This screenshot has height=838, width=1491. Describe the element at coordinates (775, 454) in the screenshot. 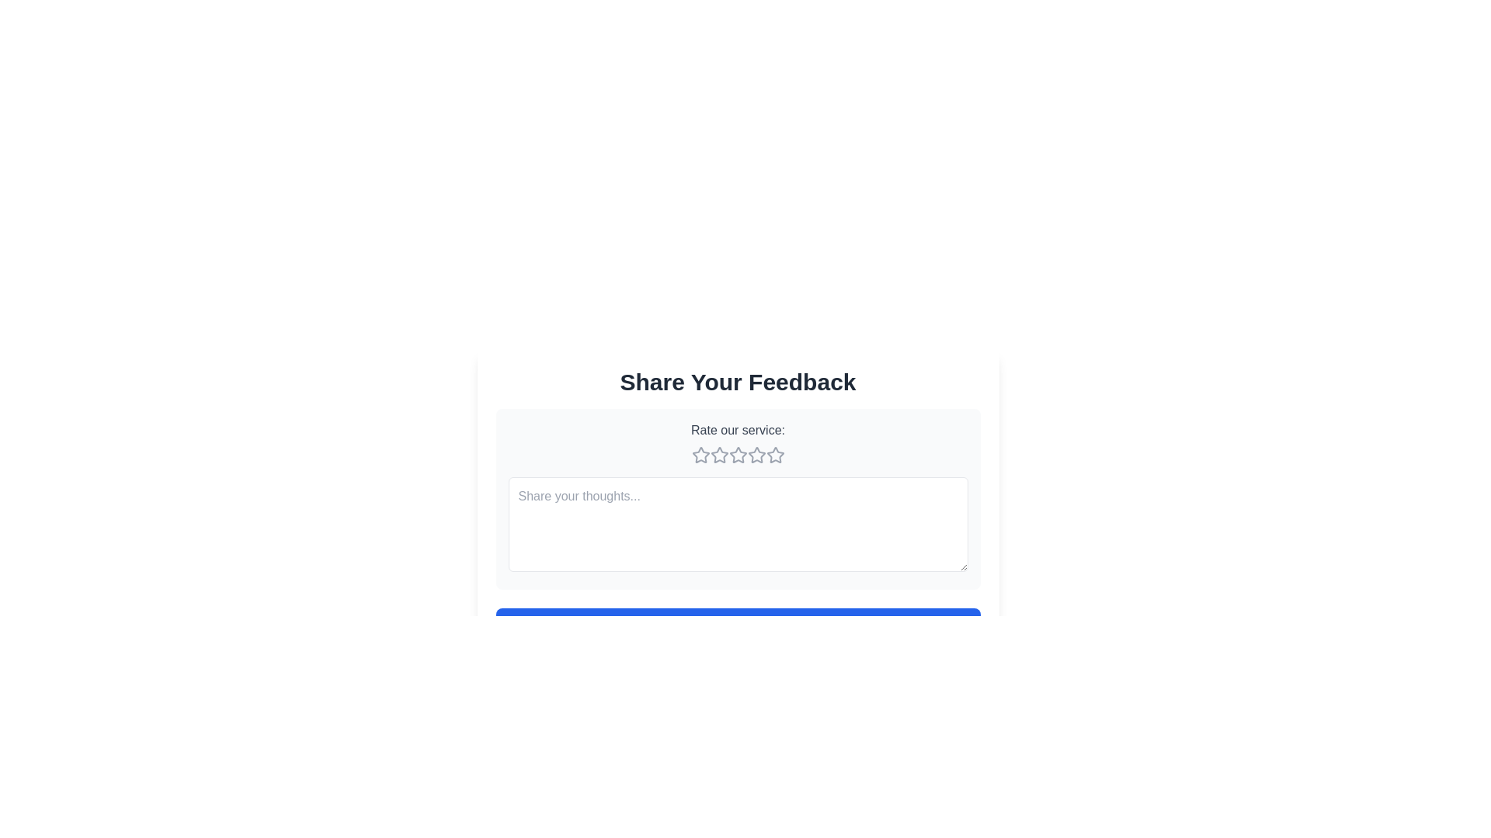

I see `the fourth star in the rating system` at that location.